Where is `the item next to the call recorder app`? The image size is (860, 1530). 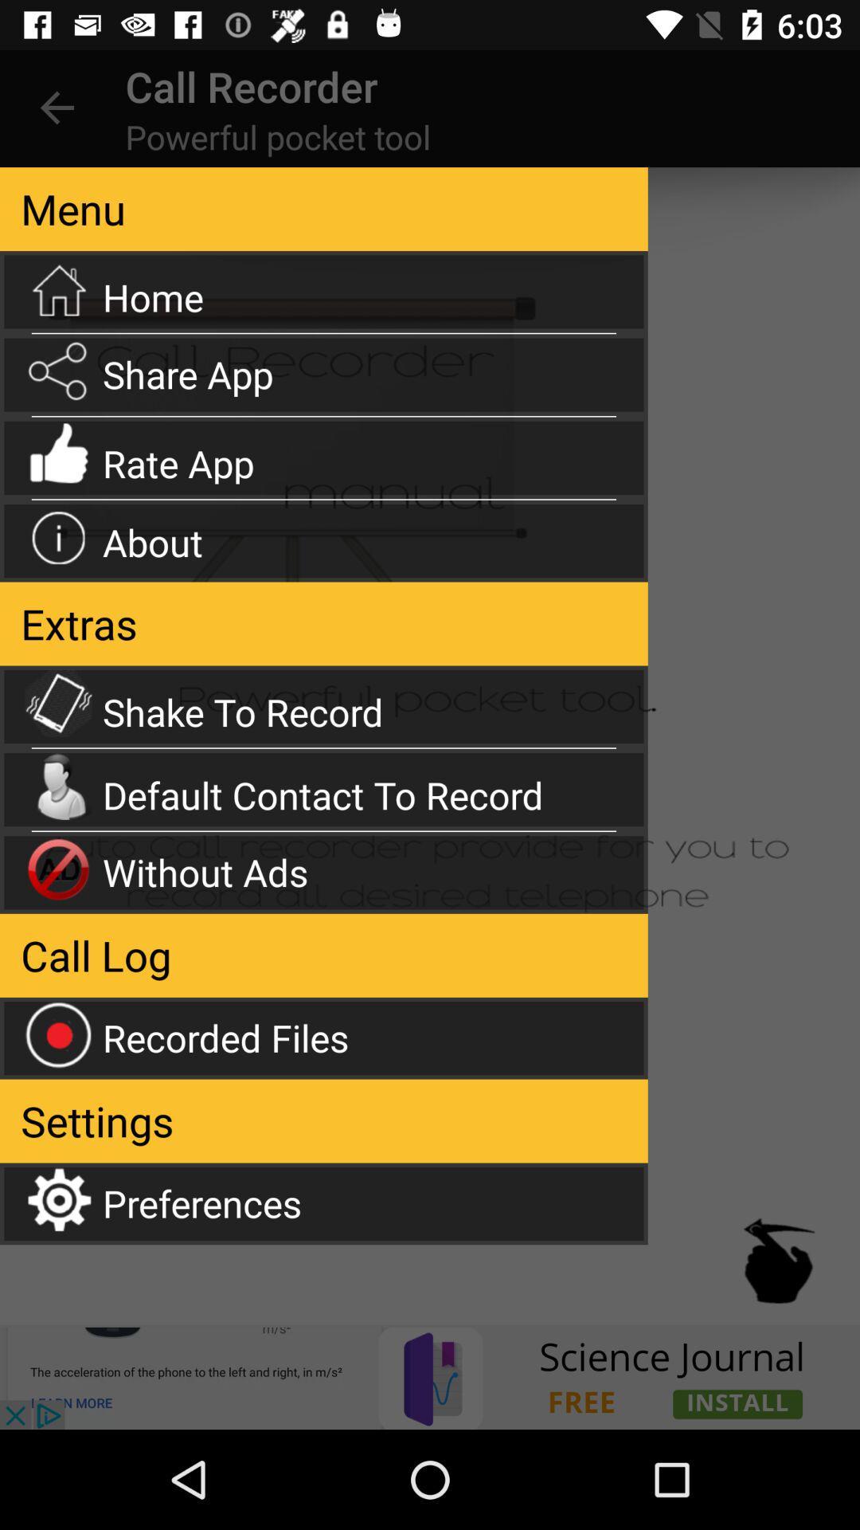
the item next to the call recorder app is located at coordinates (57, 108).